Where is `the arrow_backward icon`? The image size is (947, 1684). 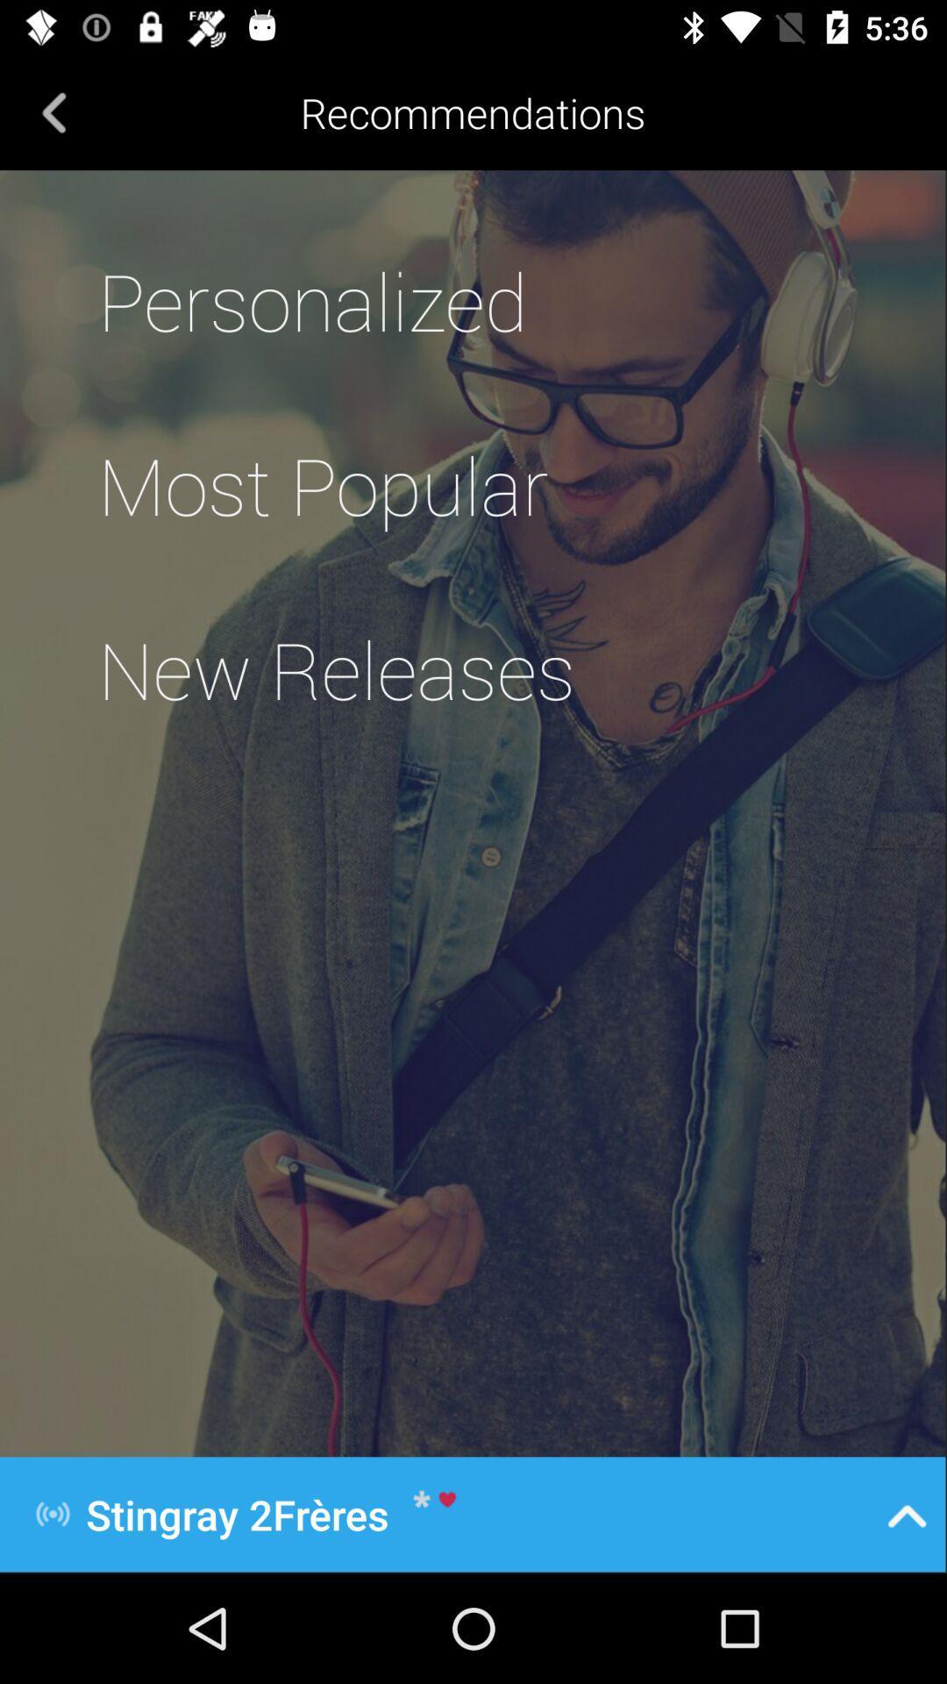 the arrow_backward icon is located at coordinates (53, 111).